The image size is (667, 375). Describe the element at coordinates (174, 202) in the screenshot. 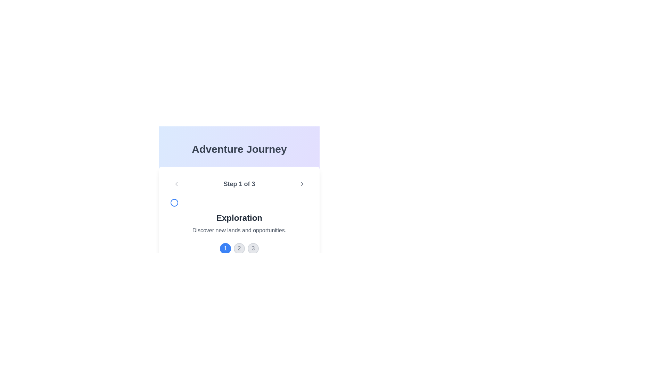

I see `the circular icon with a blue outline and white fill, located to the left of the text 'Step 1 of 3' in the stepper interface` at that location.